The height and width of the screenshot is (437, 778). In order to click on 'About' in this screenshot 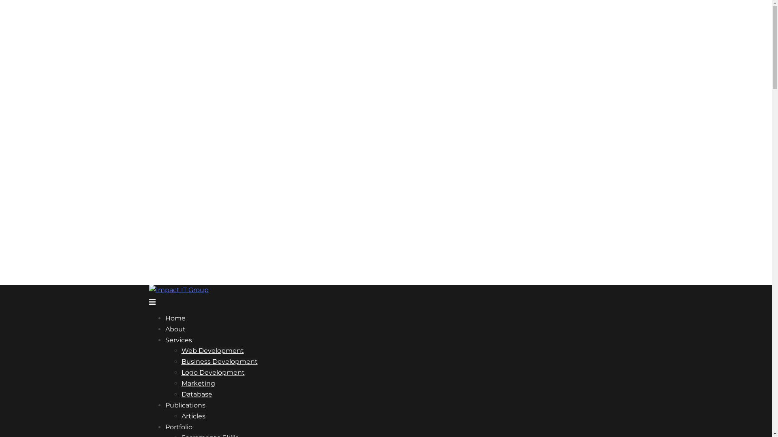, I will do `click(175, 329)`.